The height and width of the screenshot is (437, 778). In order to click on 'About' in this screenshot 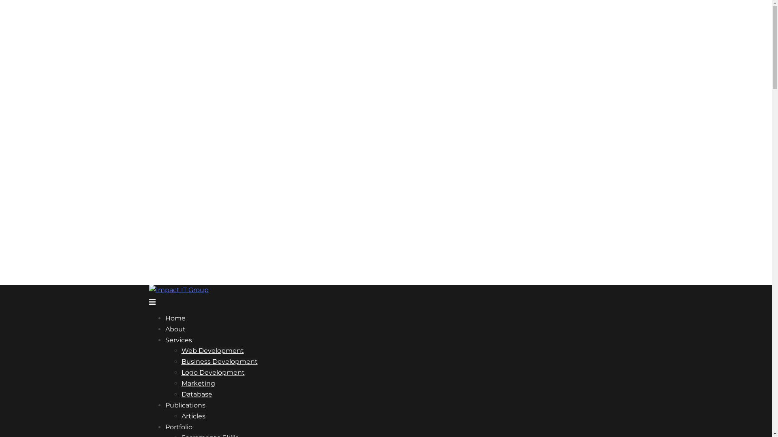, I will do `click(175, 329)`.